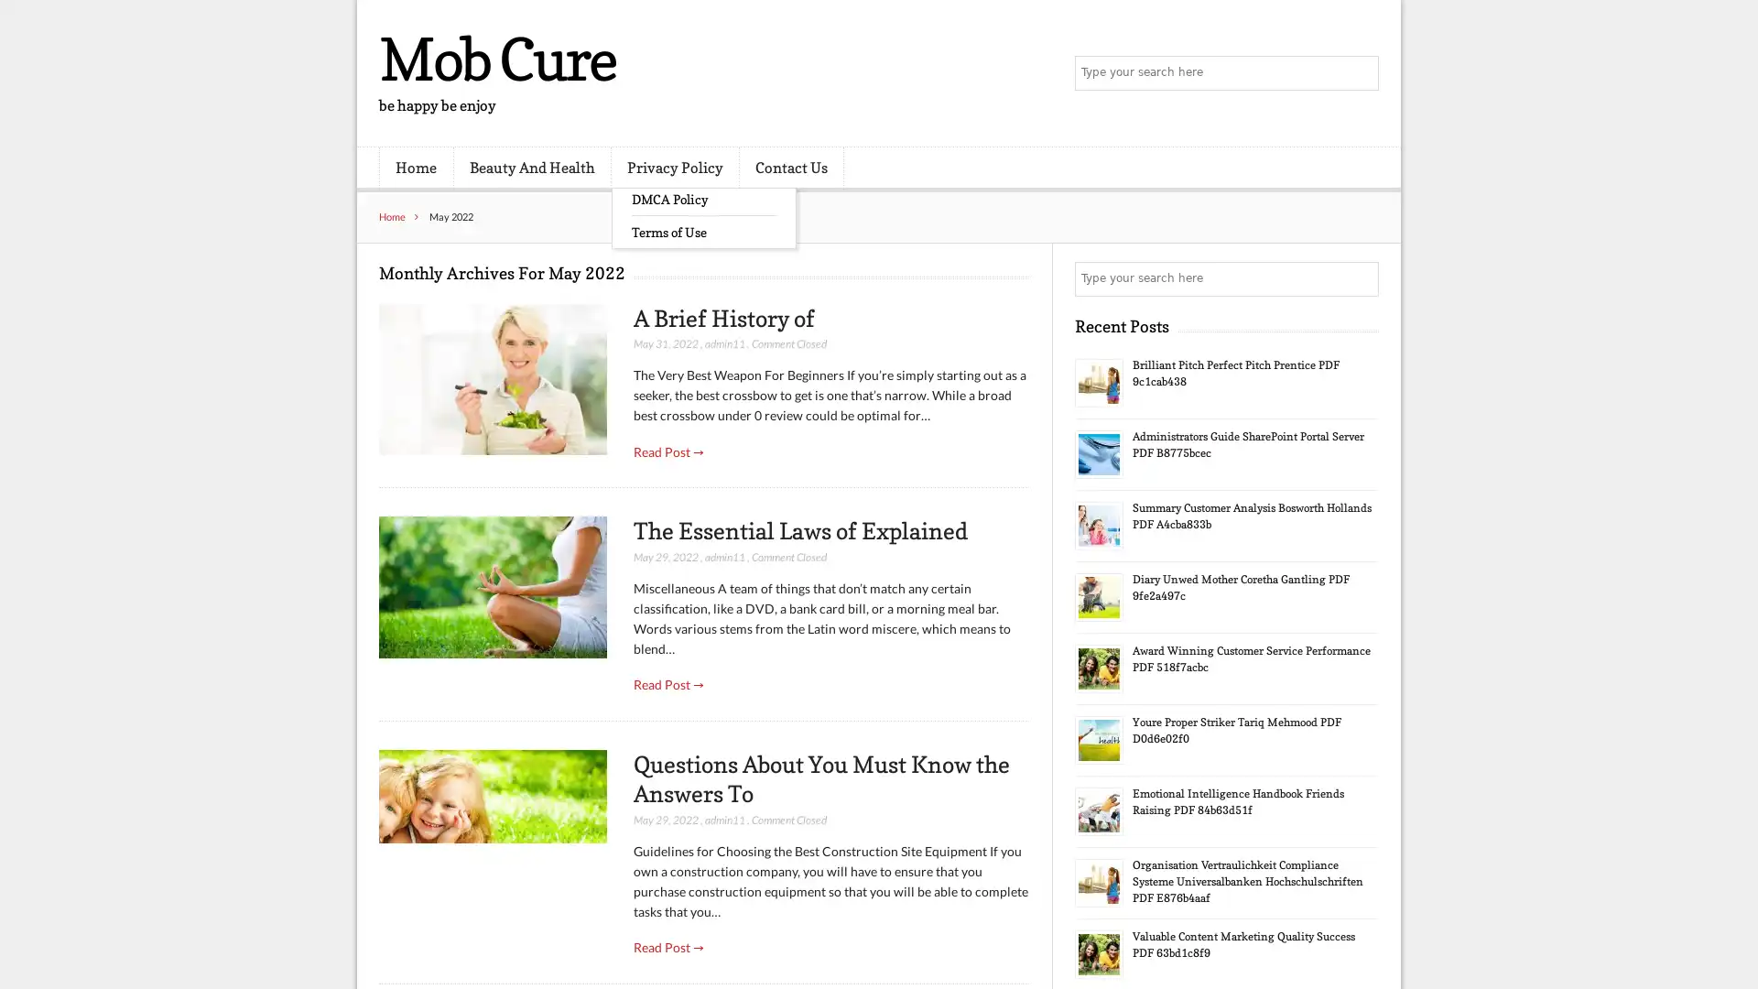 The image size is (1758, 989). Describe the element at coordinates (1360, 73) in the screenshot. I see `Search` at that location.